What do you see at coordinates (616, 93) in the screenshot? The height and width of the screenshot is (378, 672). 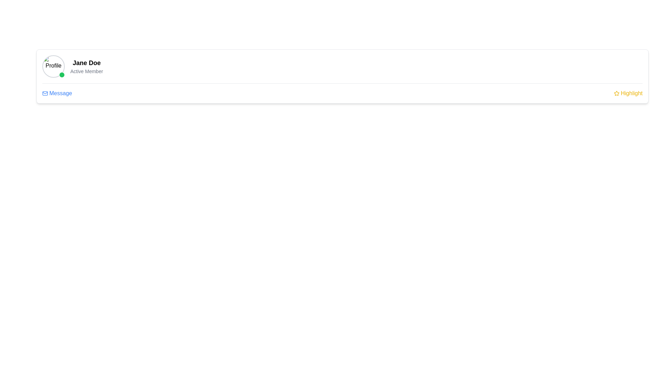 I see `the star-shaped icon with a yellow outline that is part of the 'Highlight' label in the top-right corner of the interface` at bounding box center [616, 93].